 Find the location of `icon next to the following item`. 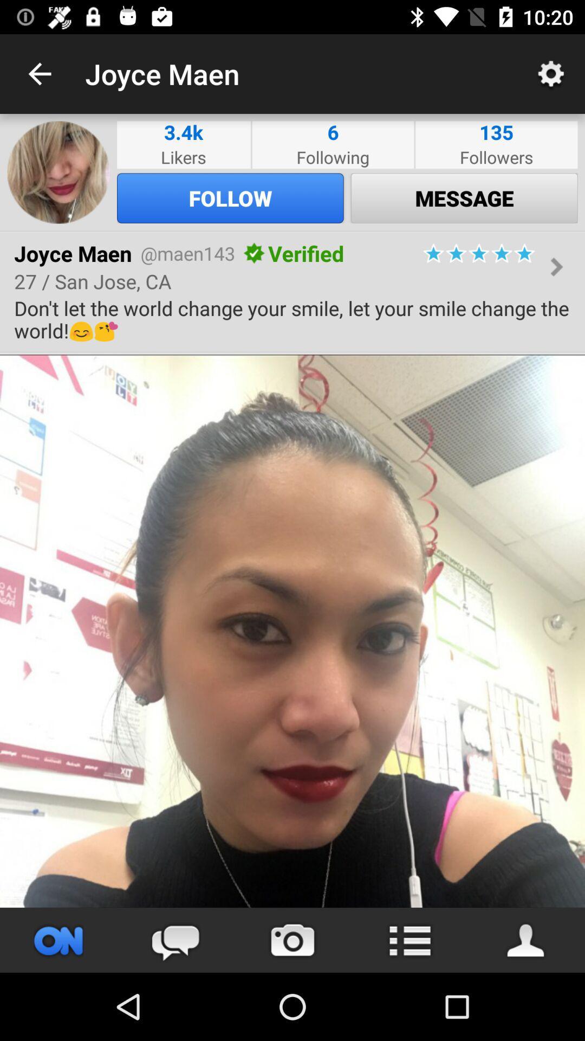

icon next to the following item is located at coordinates (183, 131).